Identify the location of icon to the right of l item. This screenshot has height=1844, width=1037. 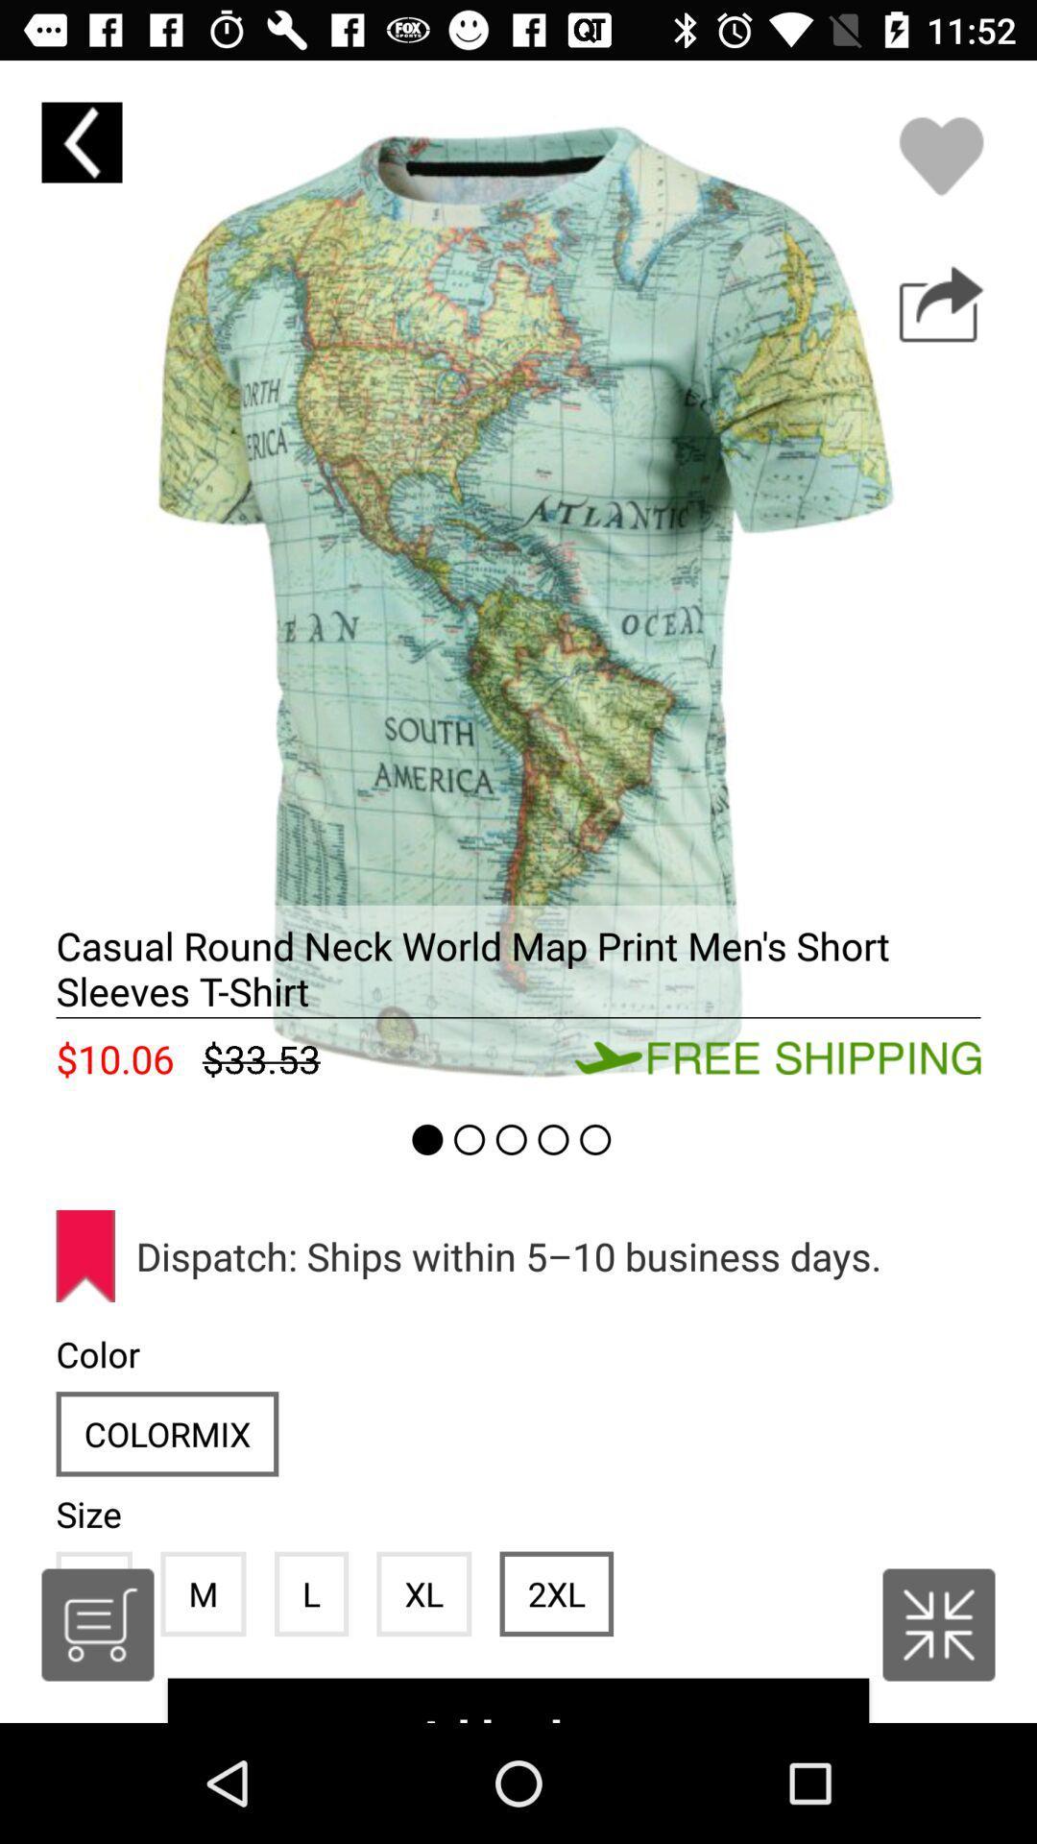
(422, 1593).